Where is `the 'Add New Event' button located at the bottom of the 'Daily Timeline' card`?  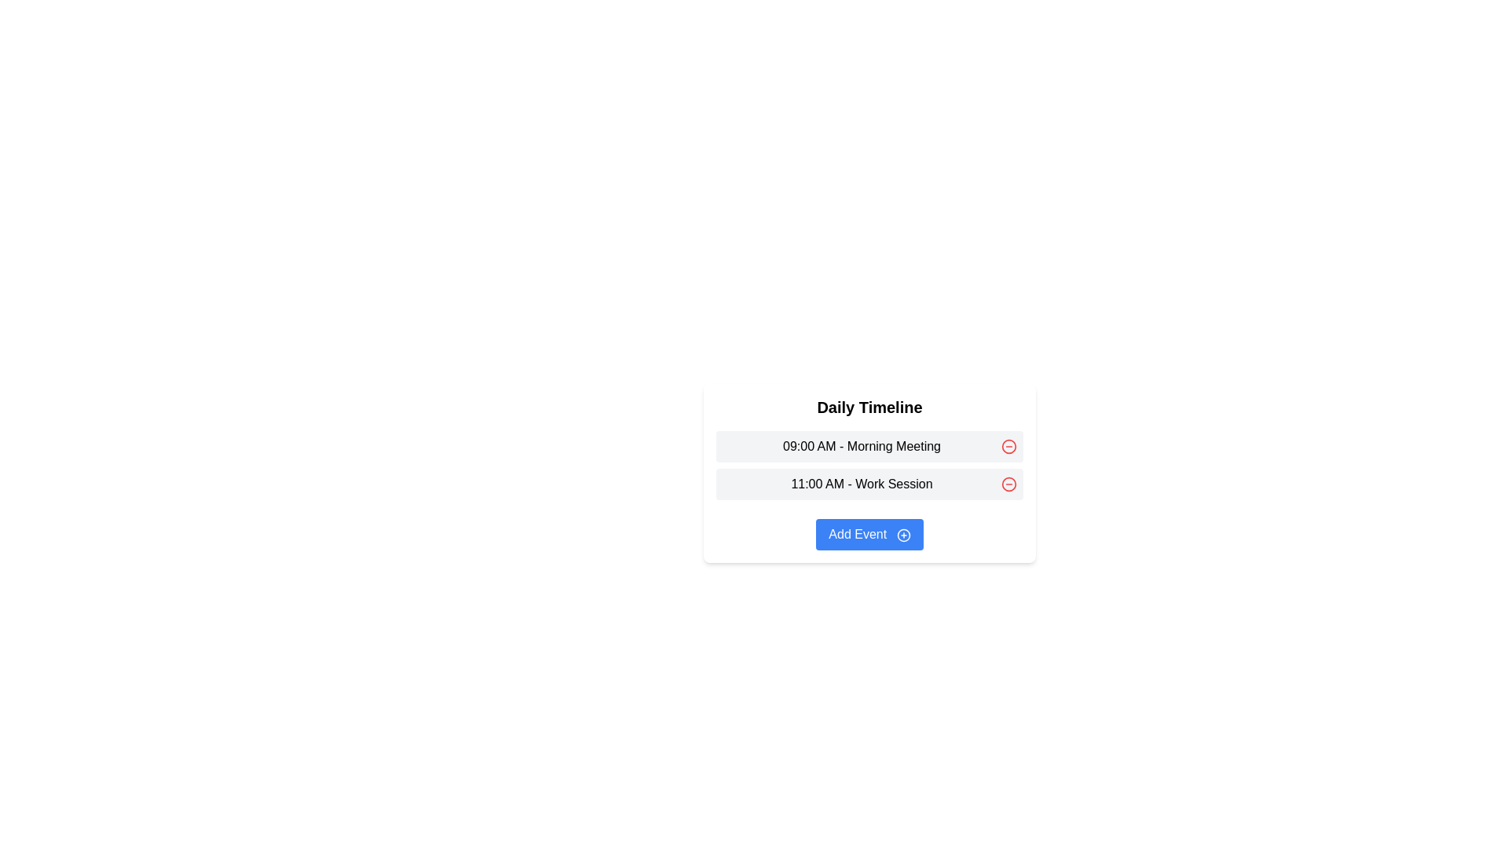 the 'Add New Event' button located at the bottom of the 'Daily Timeline' card is located at coordinates (869, 534).